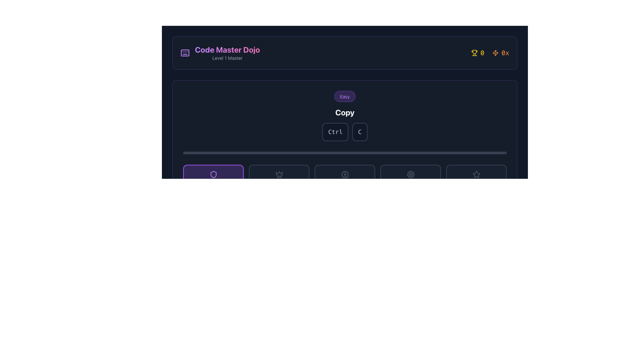  What do you see at coordinates (505, 53) in the screenshot?
I see `the text element displaying the hexadecimal prefix '0x', located at the rightmost position in the top-right segment of the UI` at bounding box center [505, 53].